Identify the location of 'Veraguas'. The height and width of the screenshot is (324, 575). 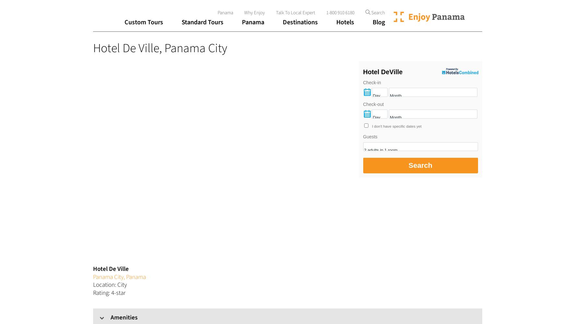
(254, 160).